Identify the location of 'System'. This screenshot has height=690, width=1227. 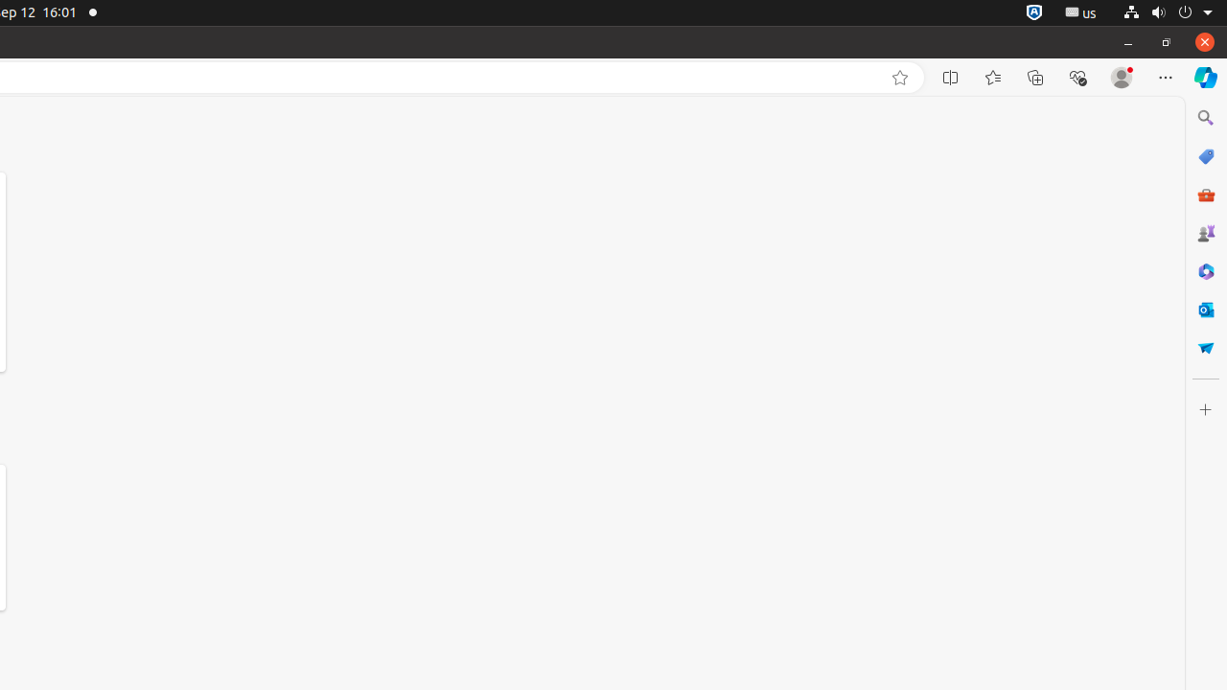
(1167, 12).